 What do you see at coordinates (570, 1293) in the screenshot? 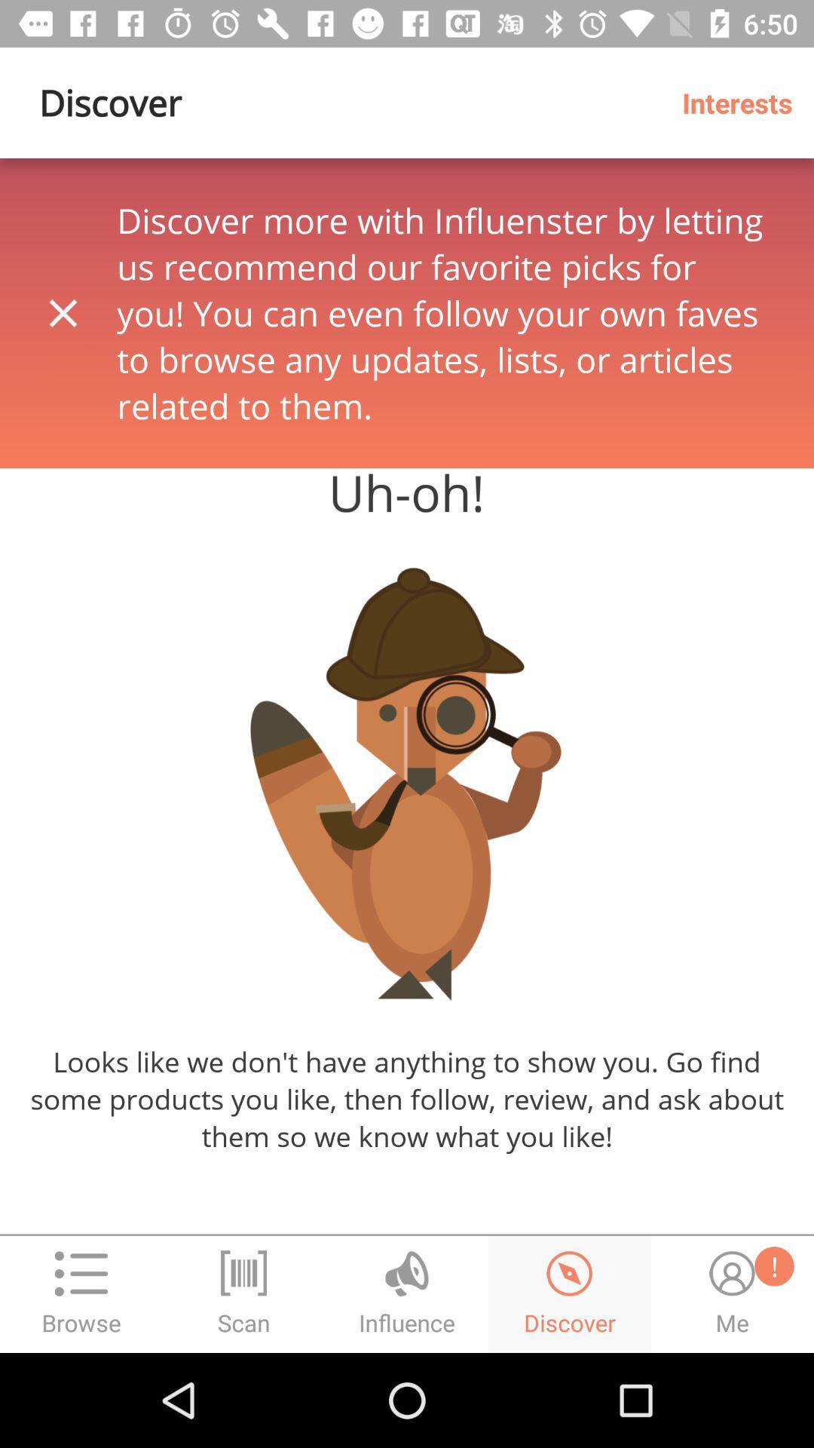
I see `the time icon` at bounding box center [570, 1293].